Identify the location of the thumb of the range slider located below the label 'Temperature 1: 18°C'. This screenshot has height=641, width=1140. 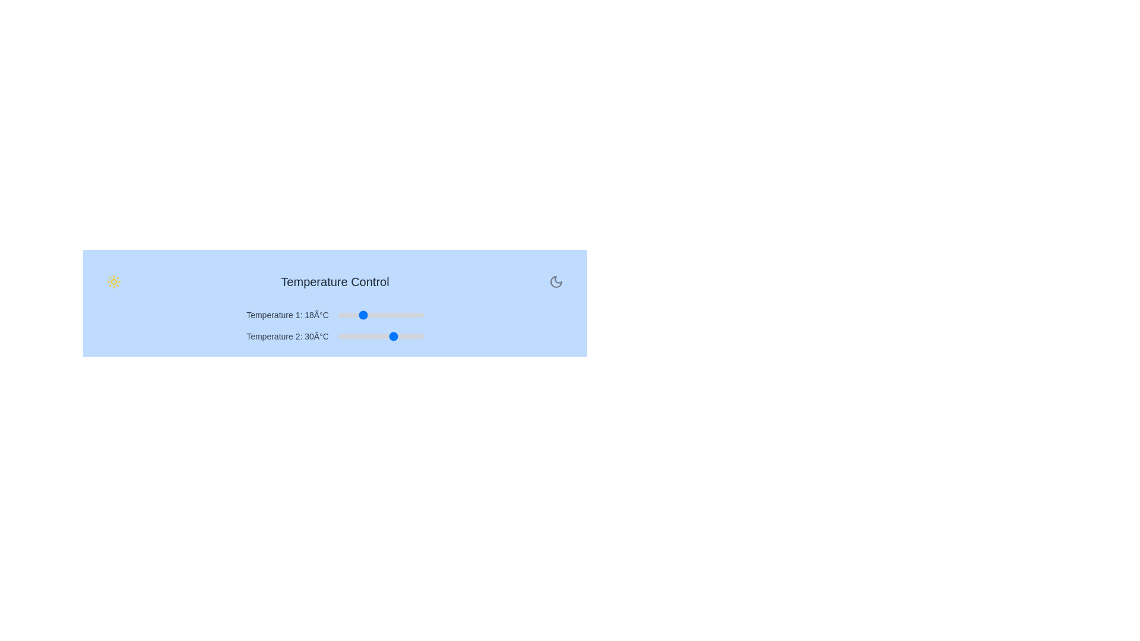
(381, 315).